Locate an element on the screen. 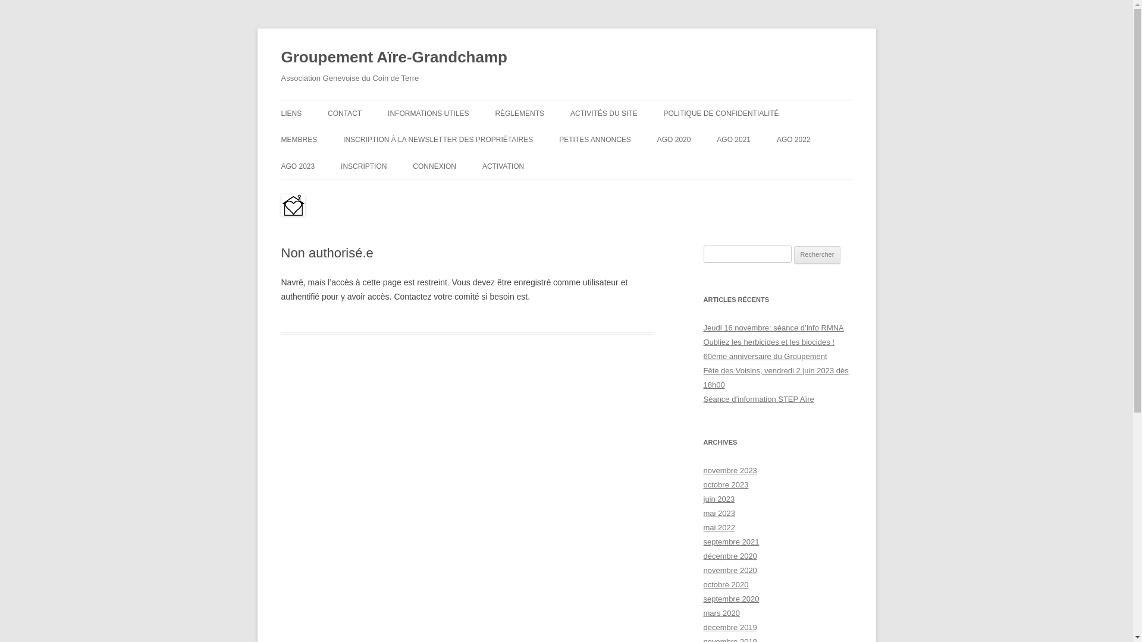 The width and height of the screenshot is (1142, 642). 'LIENS' is located at coordinates (291, 114).